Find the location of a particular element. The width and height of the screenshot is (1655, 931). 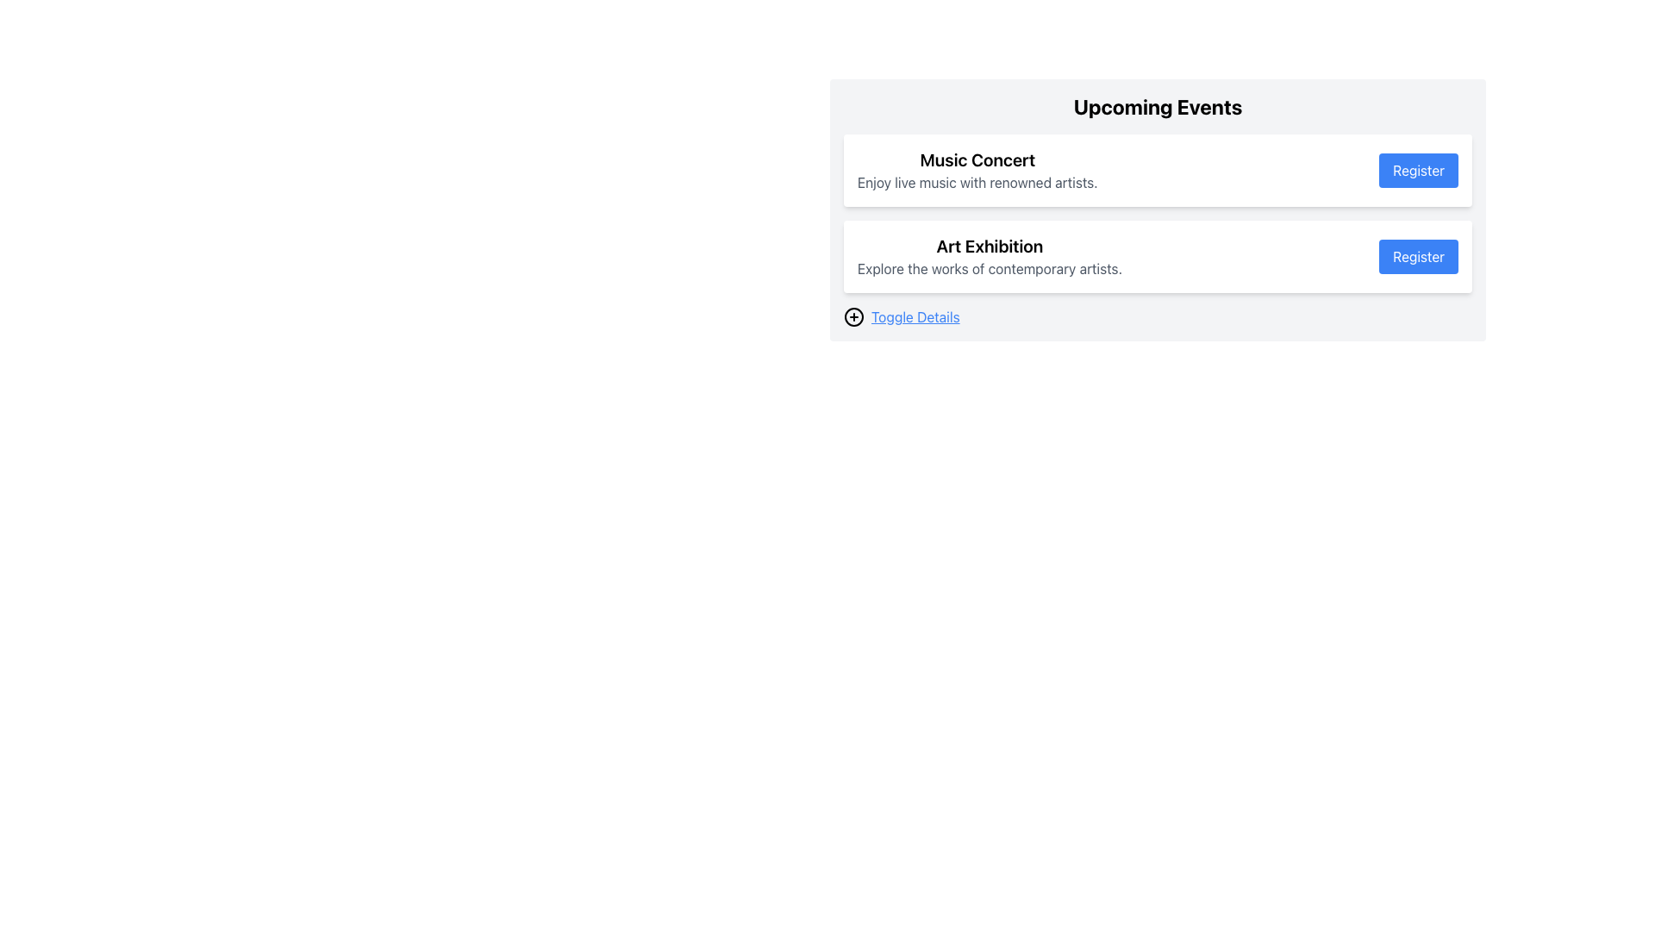

text label providing information about the 'Art Exhibition', located below the 'Art Exhibition' heading in the second event block of upcoming events is located at coordinates (990, 269).